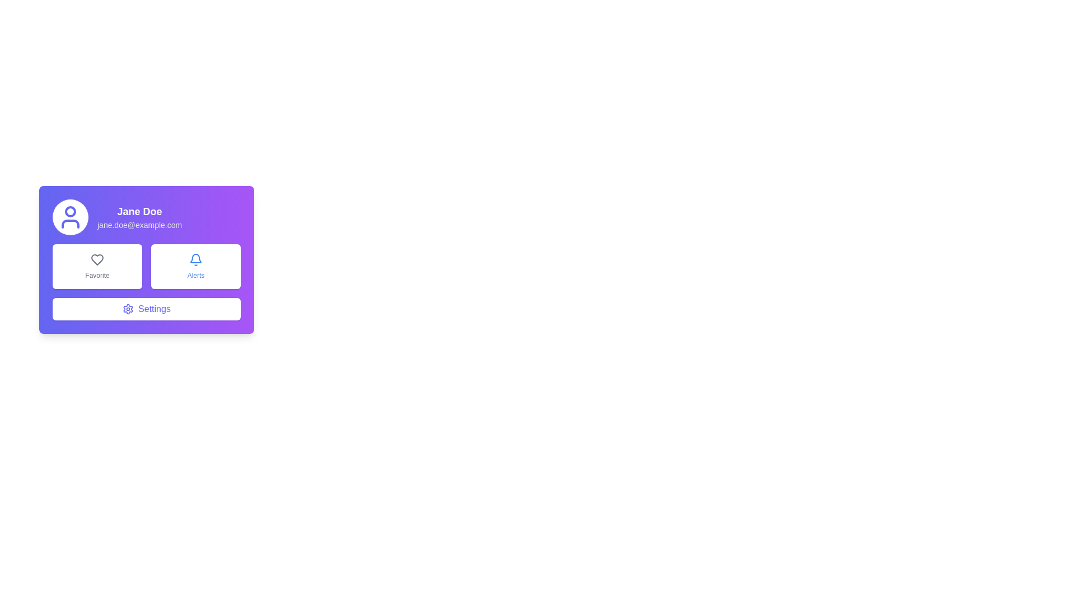 The image size is (1075, 605). I want to click on the text display that shows the user's name and email address, located to the right of the circular user avatar icon within a card layout, so click(139, 217).